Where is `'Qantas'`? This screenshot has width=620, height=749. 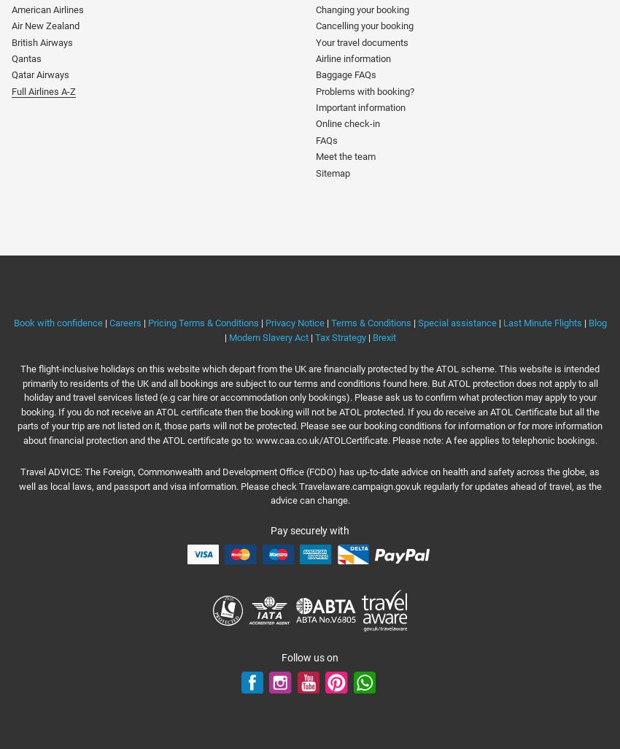 'Qantas' is located at coordinates (26, 57).